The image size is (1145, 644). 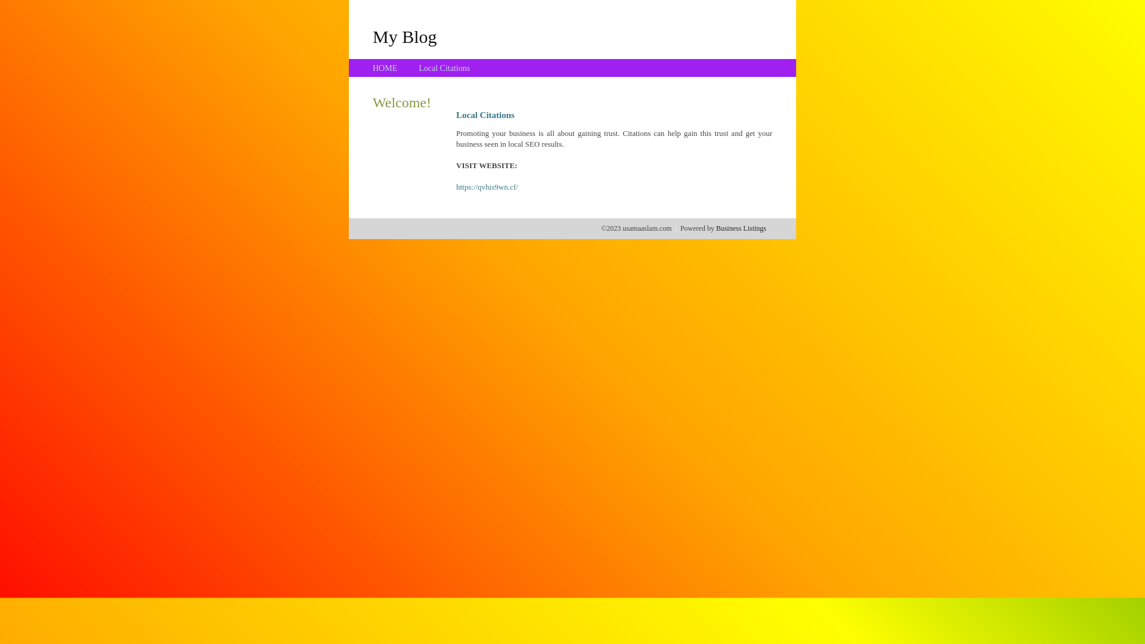 I want to click on 'Local Citations', so click(x=443, y=68).